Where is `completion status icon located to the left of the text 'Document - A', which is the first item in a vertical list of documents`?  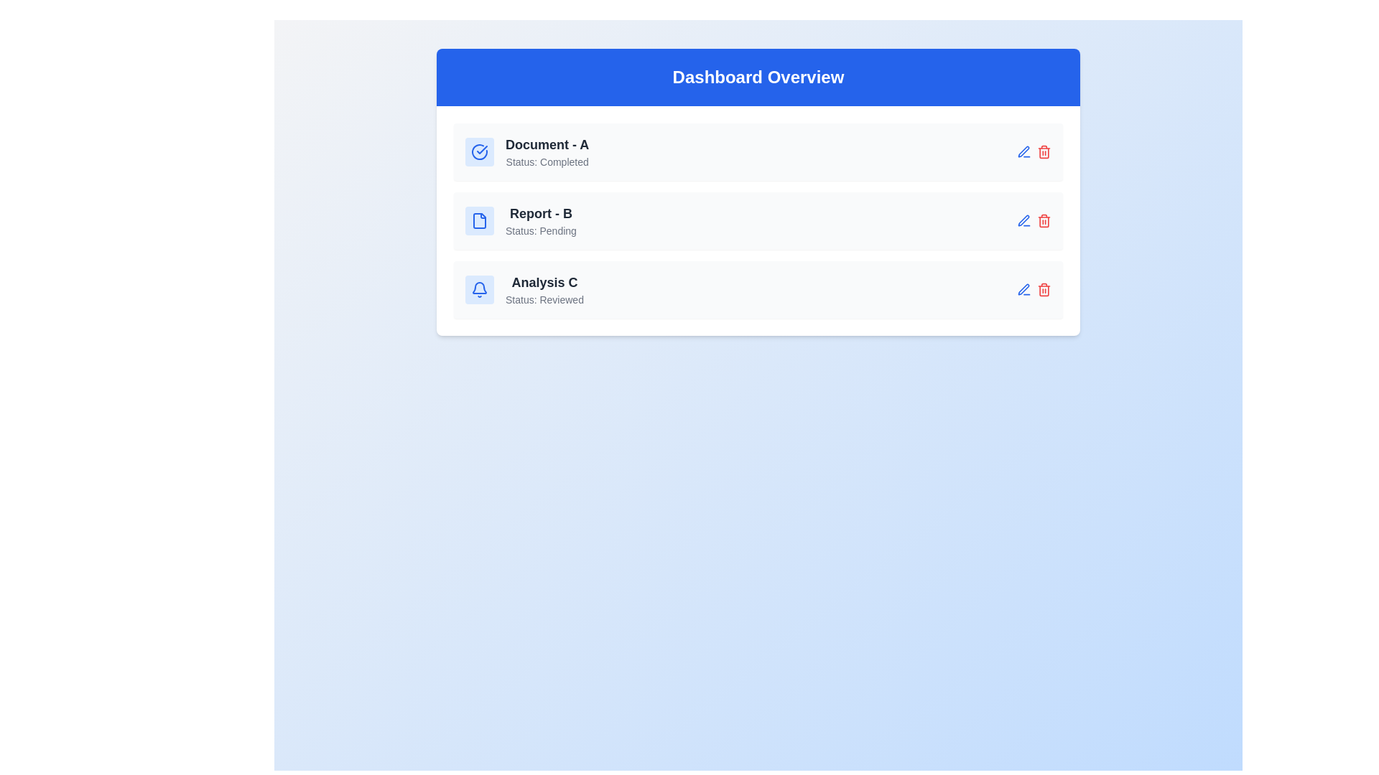
completion status icon located to the left of the text 'Document - A', which is the first item in a vertical list of documents is located at coordinates (479, 152).